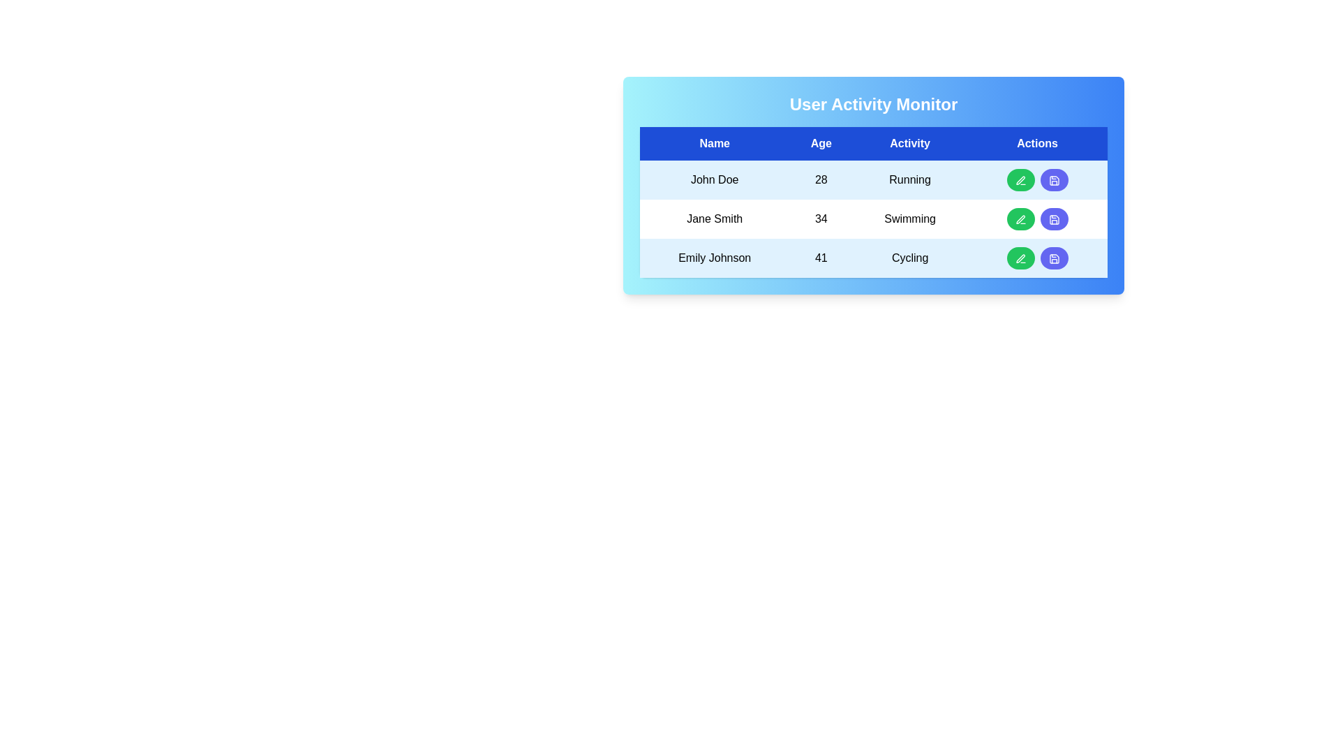 The width and height of the screenshot is (1340, 754). Describe the element at coordinates (1054, 258) in the screenshot. I see `the save button for the Emily Johnson row` at that location.